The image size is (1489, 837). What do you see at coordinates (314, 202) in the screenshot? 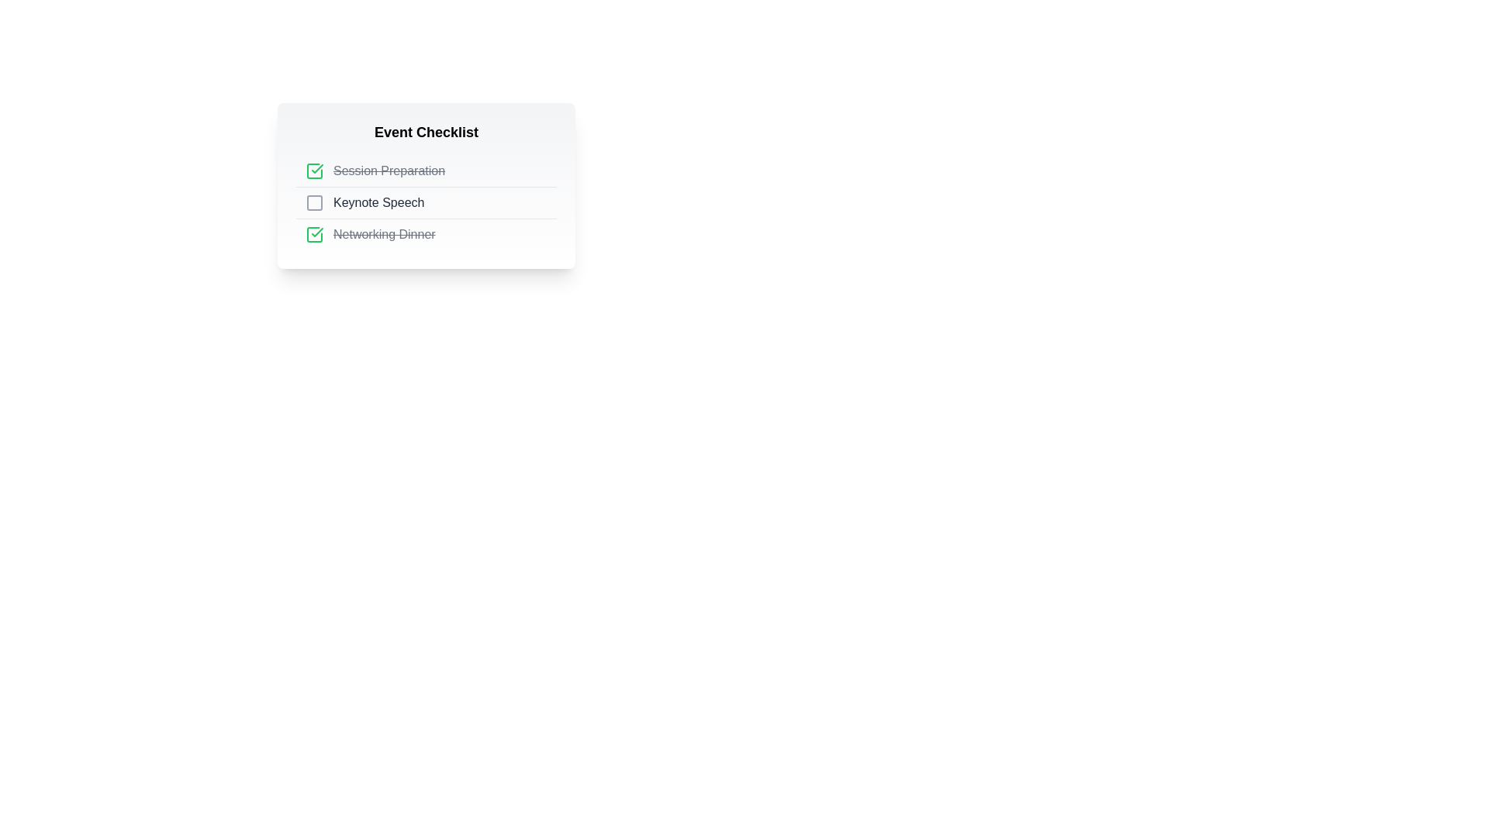
I see `the icon indicating the state of the checklist item 'Keynote Speech'` at bounding box center [314, 202].